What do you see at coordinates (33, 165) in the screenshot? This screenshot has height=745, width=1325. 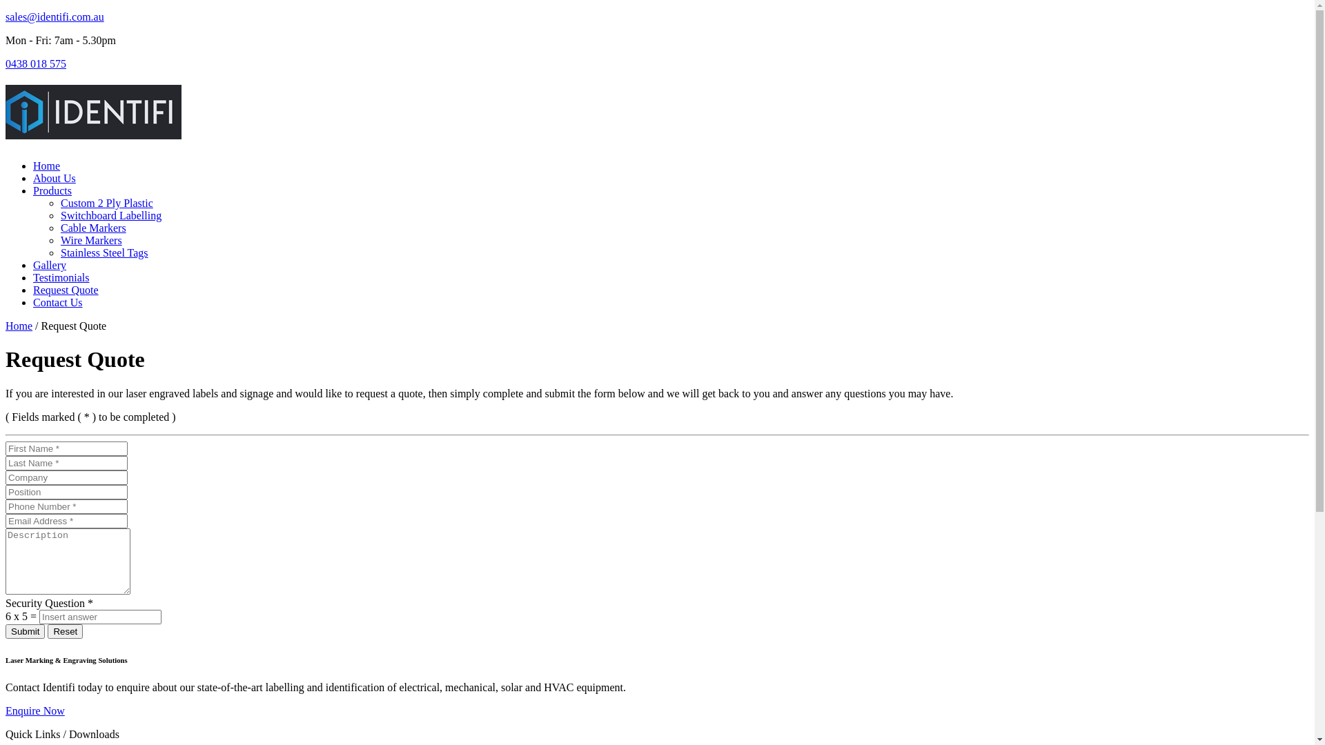 I see `'Home'` at bounding box center [33, 165].